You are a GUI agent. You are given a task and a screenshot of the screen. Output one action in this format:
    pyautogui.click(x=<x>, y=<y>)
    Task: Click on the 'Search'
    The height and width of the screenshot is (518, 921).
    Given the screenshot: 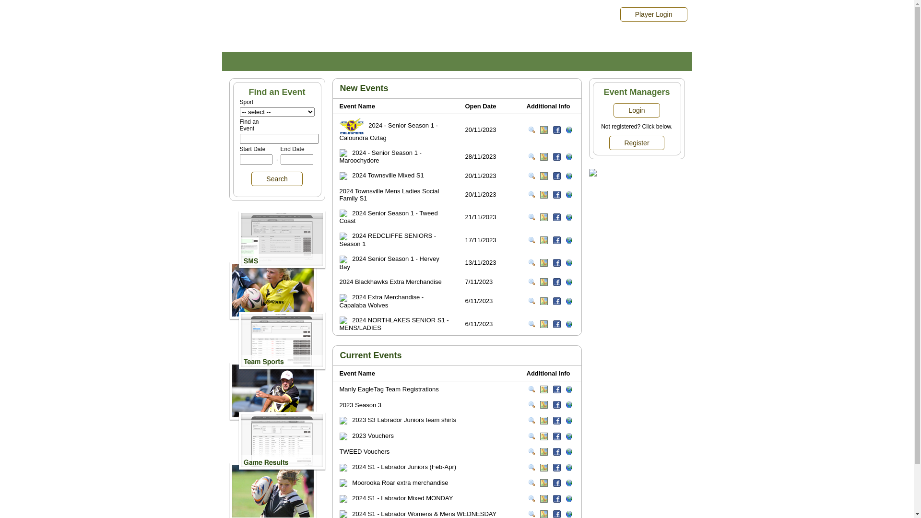 What is the action you would take?
    pyautogui.click(x=251, y=179)
    